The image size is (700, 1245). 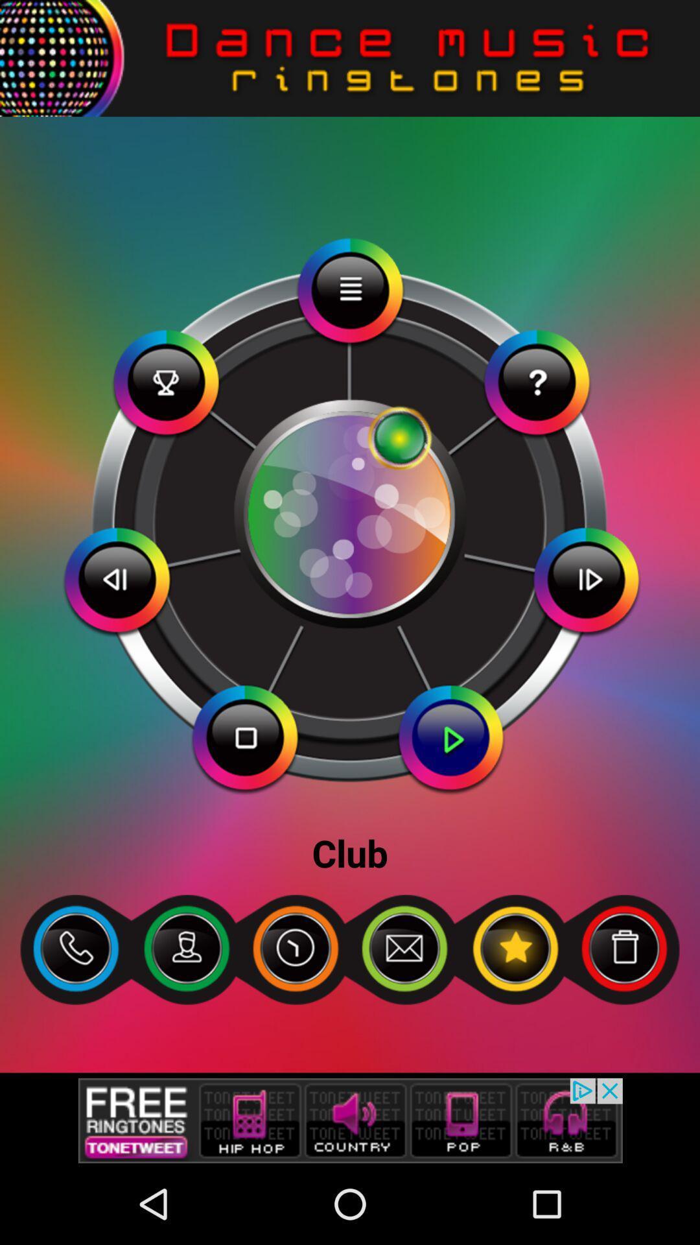 What do you see at coordinates (295, 1015) in the screenshot?
I see `the time icon` at bounding box center [295, 1015].